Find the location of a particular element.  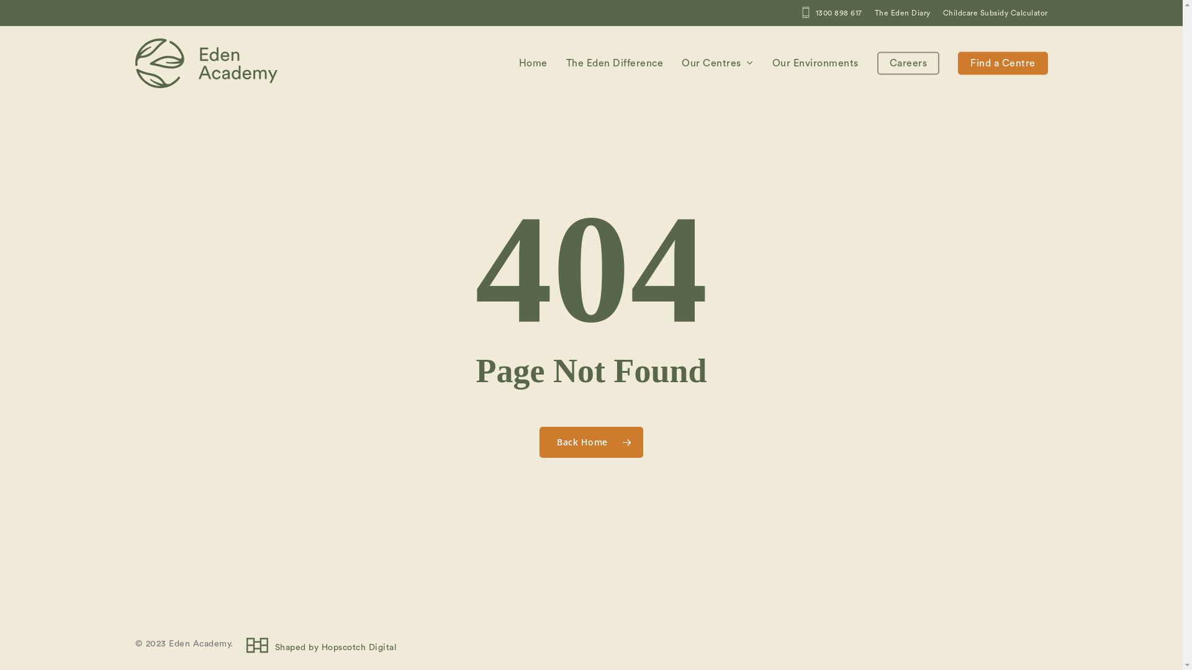

'The Eden Diary' is located at coordinates (902, 12).